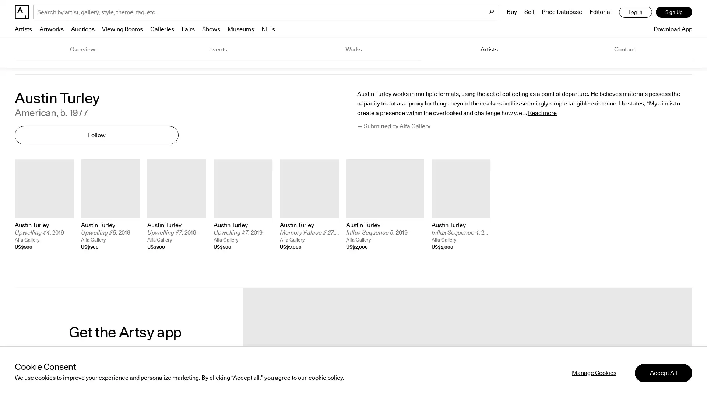 Image resolution: width=707 pixels, height=397 pixels. I want to click on Skip to end of content, so click(15, 159).